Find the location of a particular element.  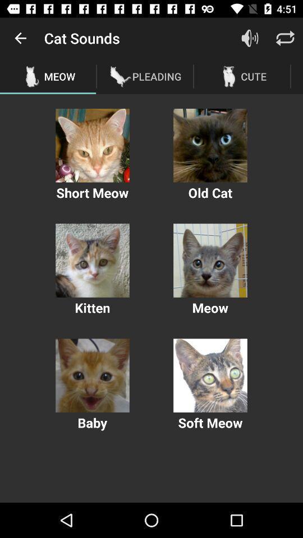

item to the right of pleading is located at coordinates (250, 38).